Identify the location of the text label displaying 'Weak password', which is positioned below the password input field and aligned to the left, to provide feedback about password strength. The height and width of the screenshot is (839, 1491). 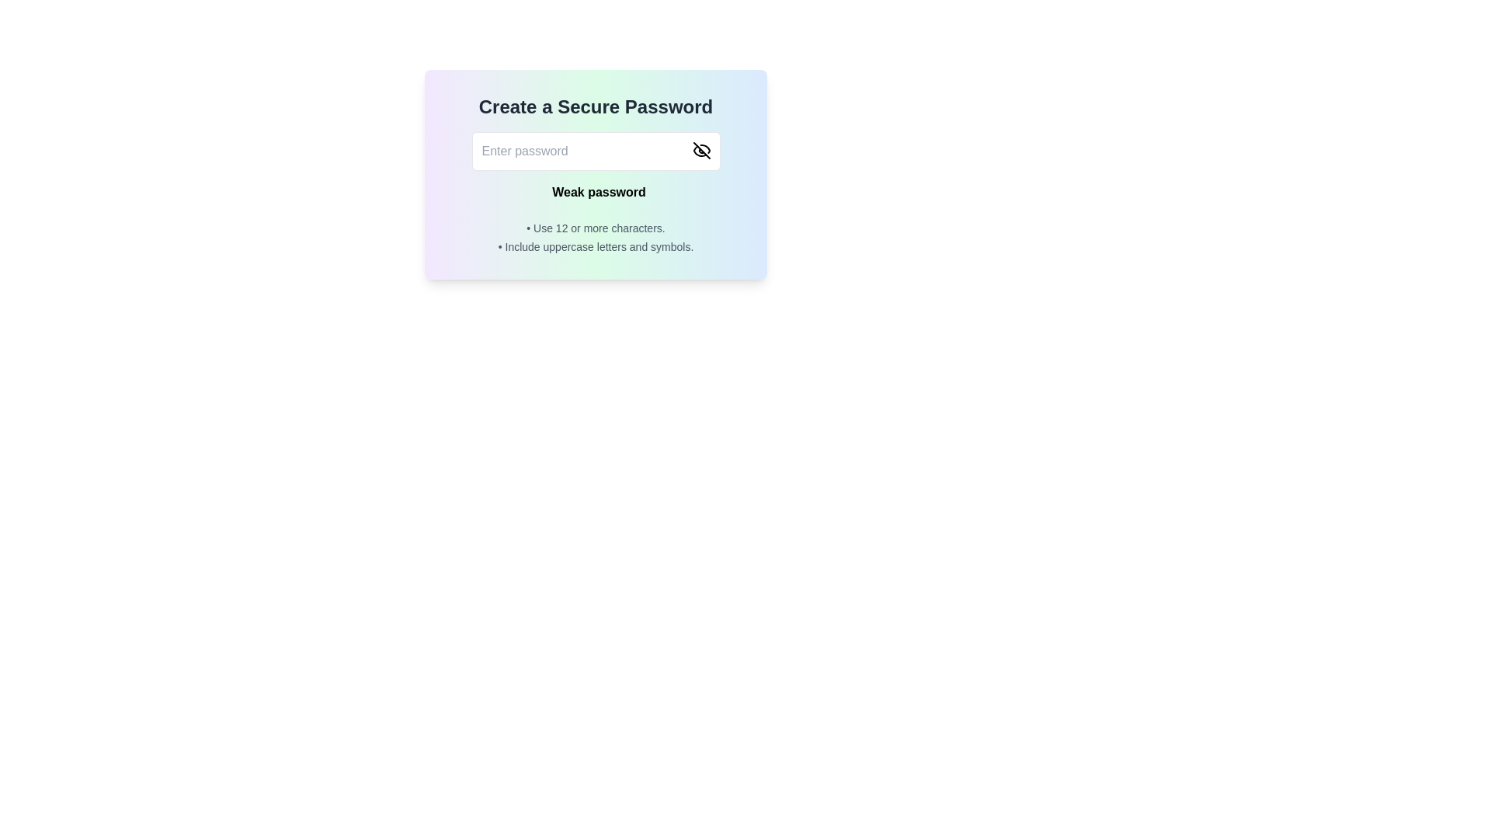
(598, 191).